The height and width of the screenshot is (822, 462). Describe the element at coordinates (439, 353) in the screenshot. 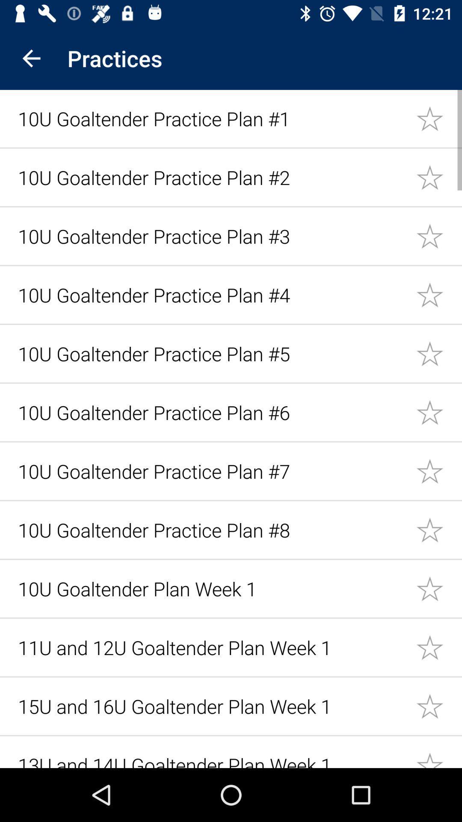

I see `favorite` at that location.